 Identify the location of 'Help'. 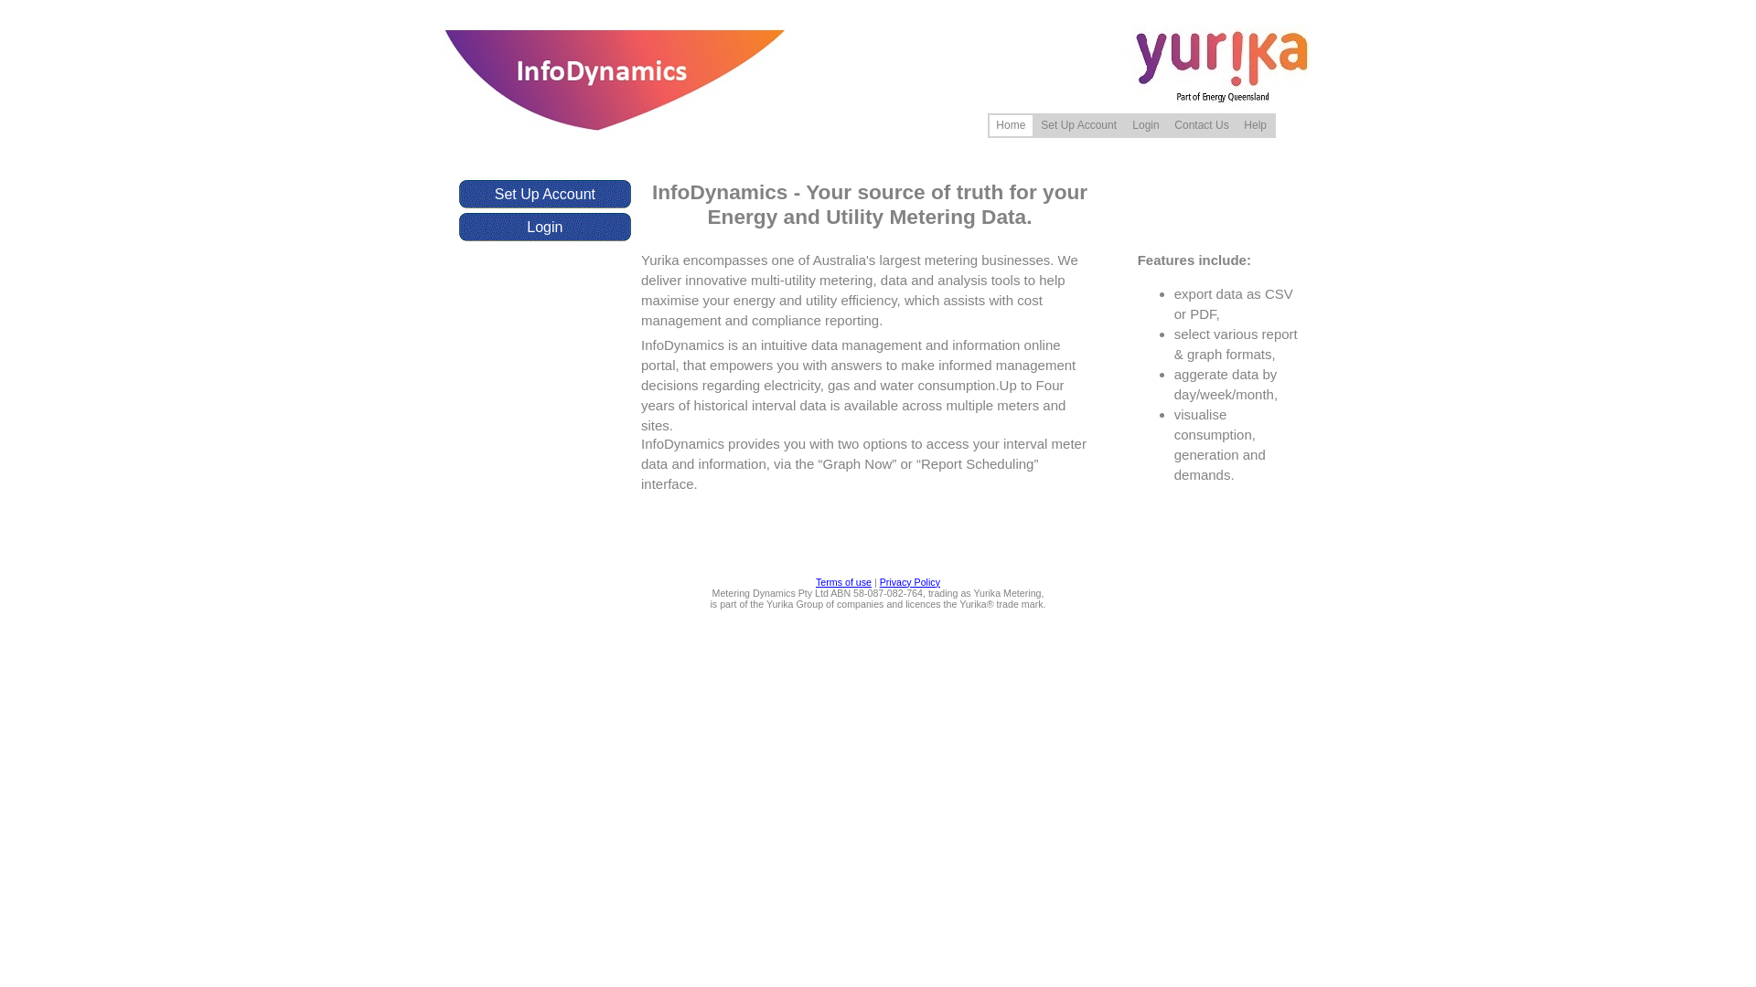
(1254, 124).